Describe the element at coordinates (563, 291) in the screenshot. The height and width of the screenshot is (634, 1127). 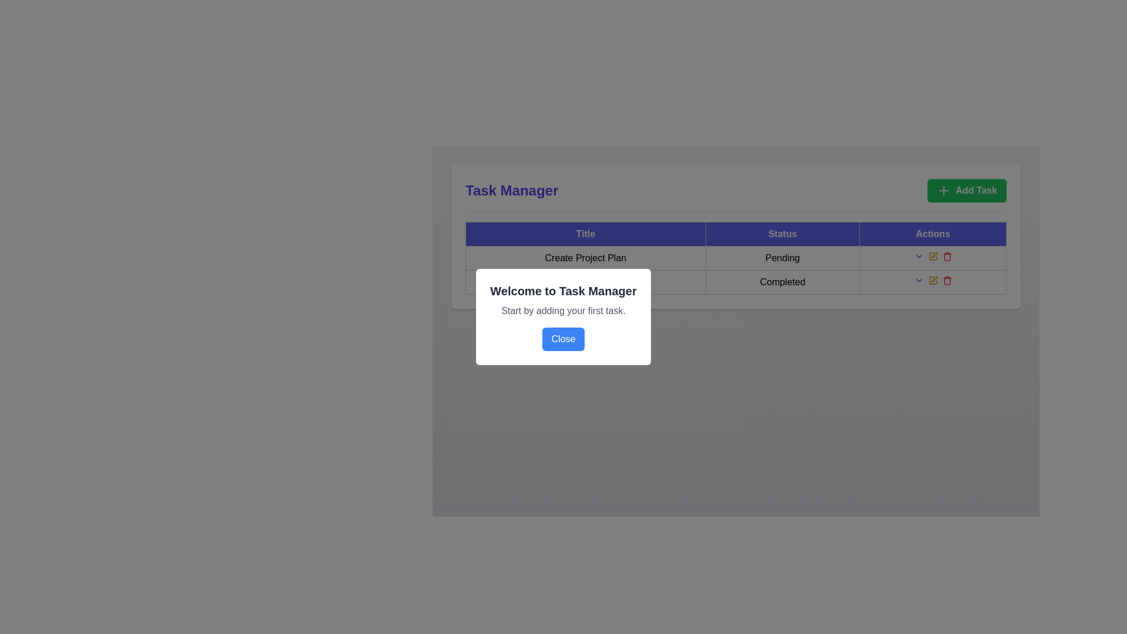
I see `the welcoming heading at the top-center of the modal dialog, which provides context for adding the first task` at that location.